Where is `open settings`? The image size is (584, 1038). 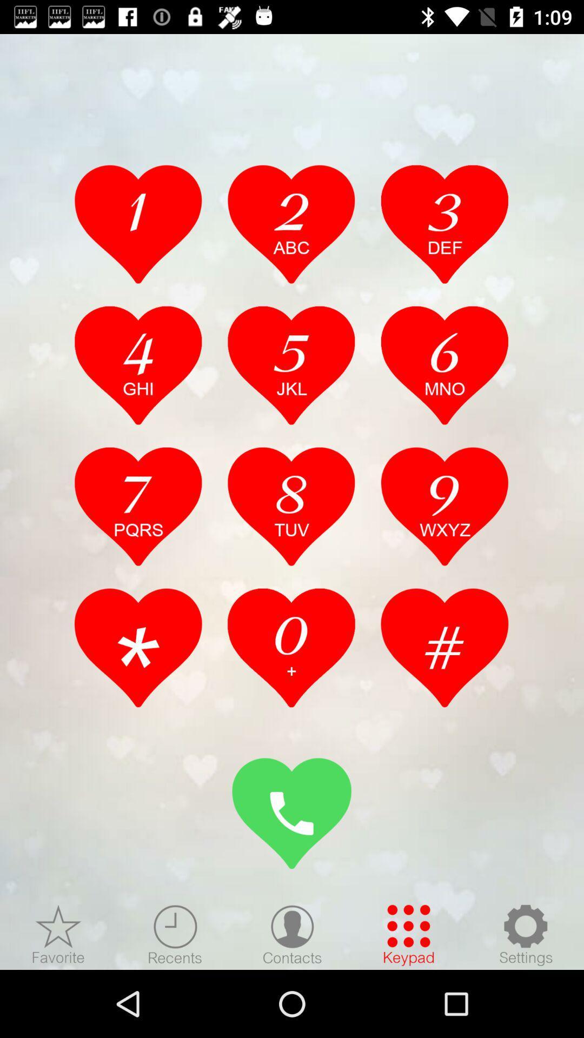
open settings is located at coordinates (525, 934).